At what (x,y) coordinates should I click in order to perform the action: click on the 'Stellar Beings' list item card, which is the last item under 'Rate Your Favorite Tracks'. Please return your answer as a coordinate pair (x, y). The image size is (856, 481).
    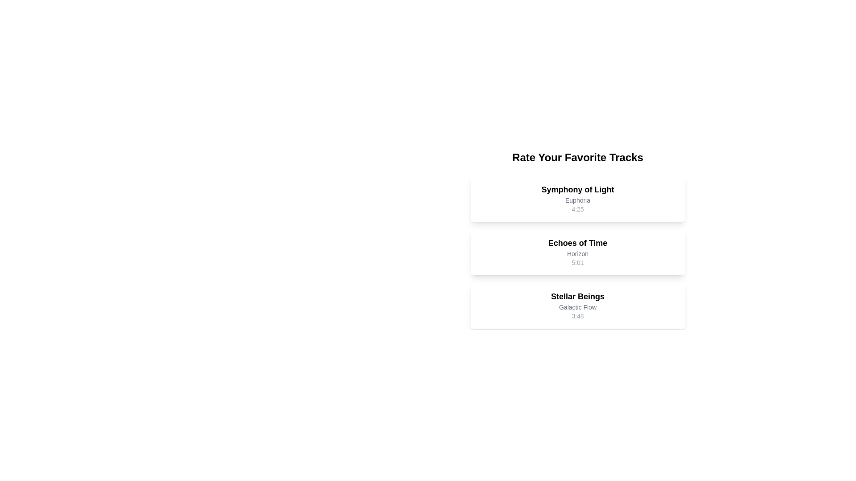
    Looking at the image, I should click on (578, 305).